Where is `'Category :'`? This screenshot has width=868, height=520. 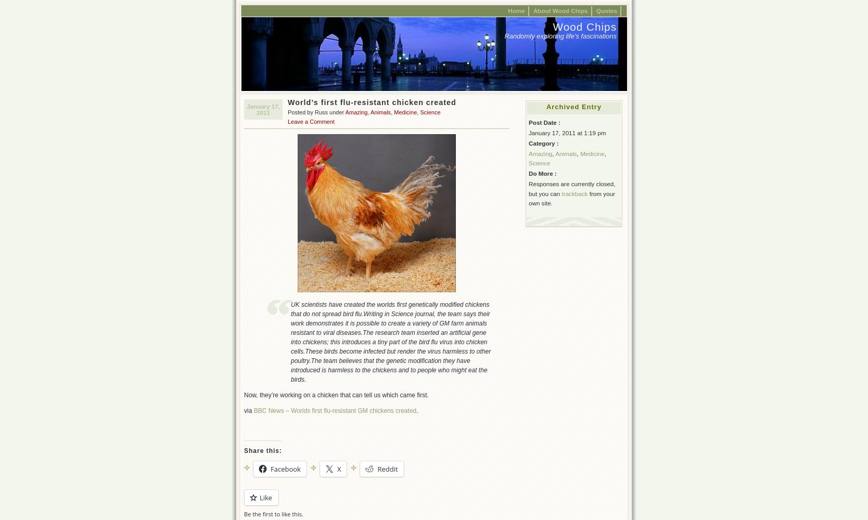
'Category :' is located at coordinates (528, 142).